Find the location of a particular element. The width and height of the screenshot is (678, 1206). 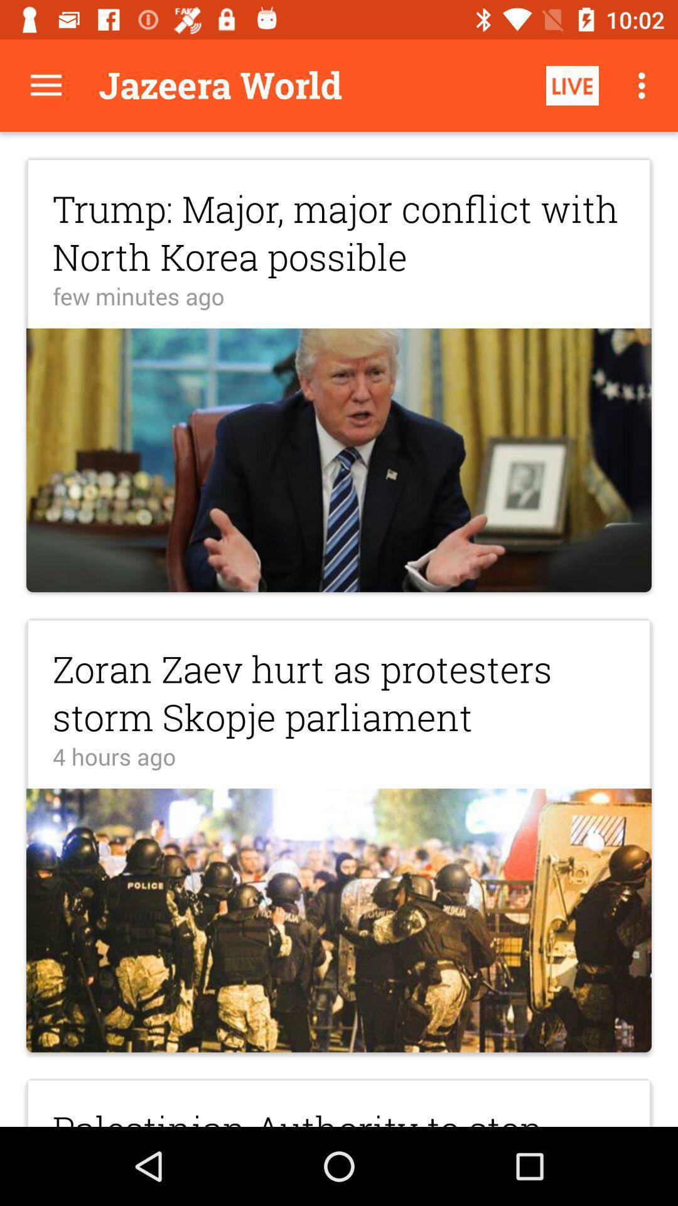

the item next to jazeera world item is located at coordinates (45, 85).